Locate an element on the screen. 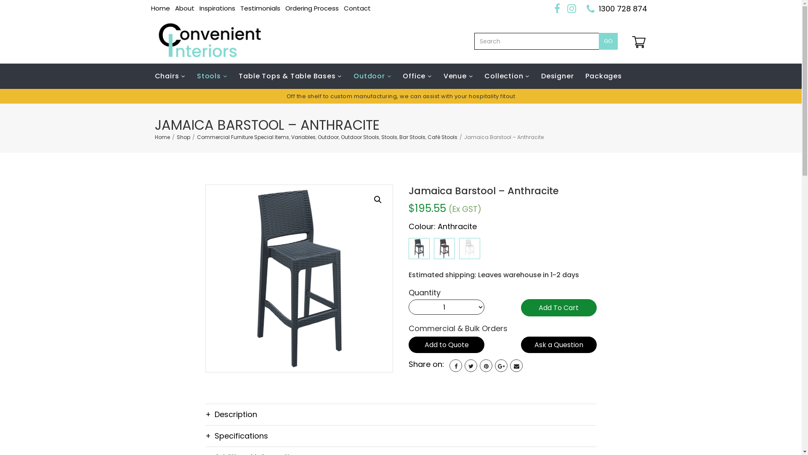  'Collection' is located at coordinates (506, 76).